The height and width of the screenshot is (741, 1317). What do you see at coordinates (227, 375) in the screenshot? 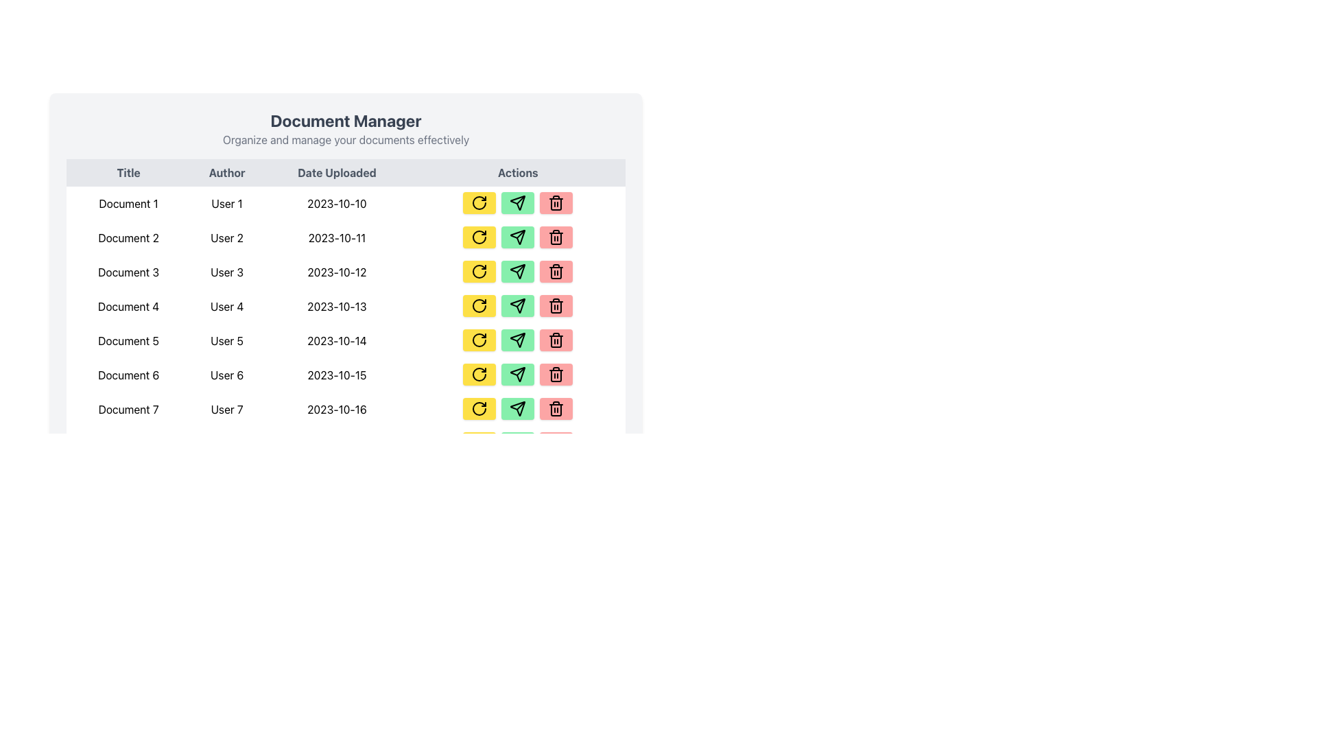
I see `the static text label that indicates the author of 'Document 6' in the table under the 'Author' column` at bounding box center [227, 375].